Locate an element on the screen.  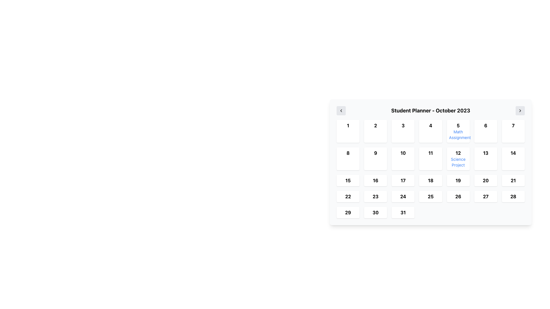
the calendar date tile representing the date '13' is located at coordinates (485, 159).